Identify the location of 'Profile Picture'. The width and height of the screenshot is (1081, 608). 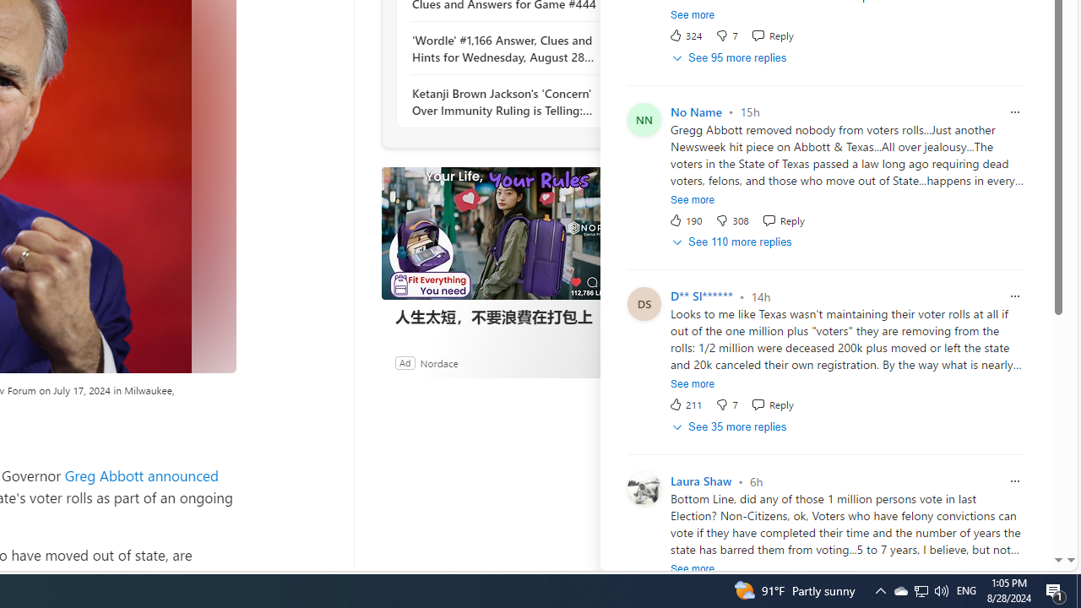
(643, 489).